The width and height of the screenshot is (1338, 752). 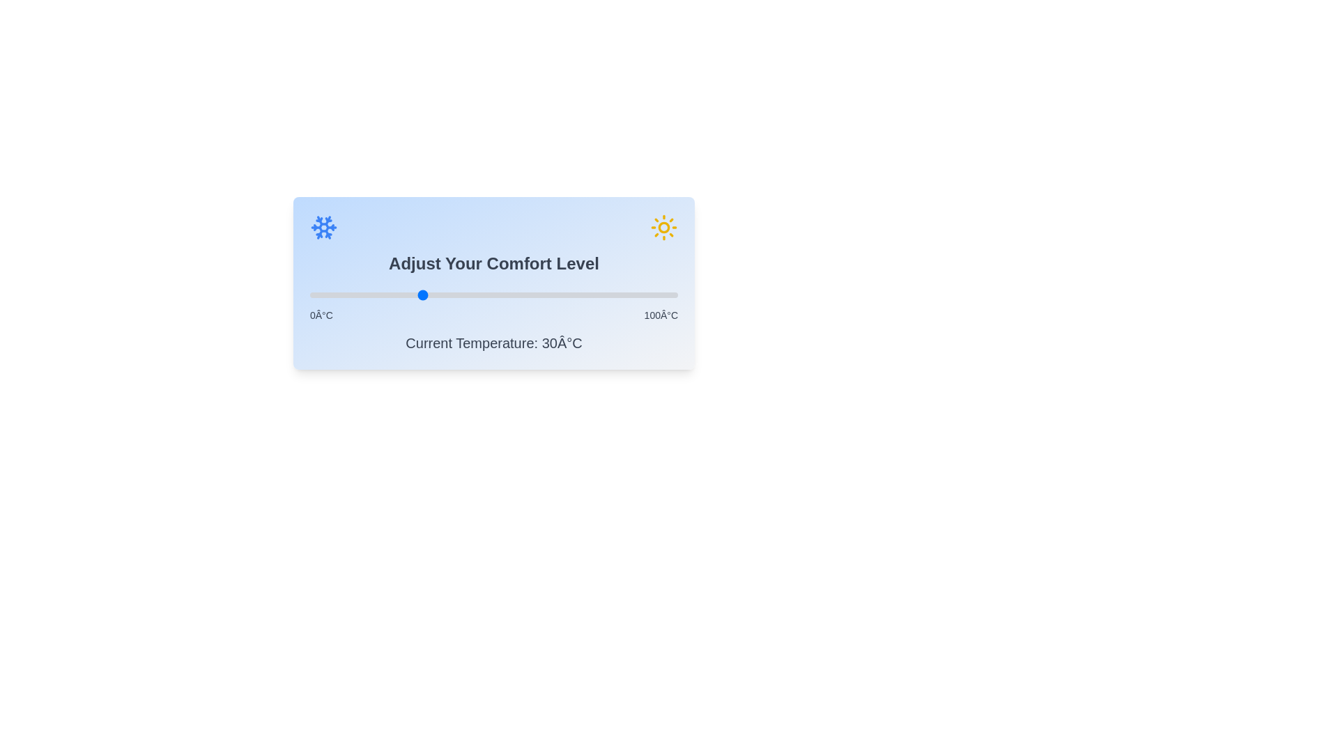 I want to click on the comfort level slider to set the temperature to 23 degrees Celsius, so click(x=394, y=295).